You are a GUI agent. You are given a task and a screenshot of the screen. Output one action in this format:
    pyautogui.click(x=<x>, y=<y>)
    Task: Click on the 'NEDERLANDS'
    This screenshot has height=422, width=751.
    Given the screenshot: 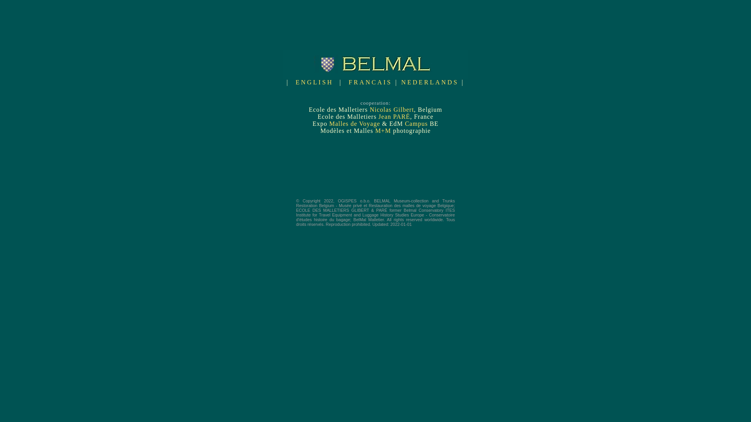 What is the action you would take?
    pyautogui.click(x=429, y=82)
    